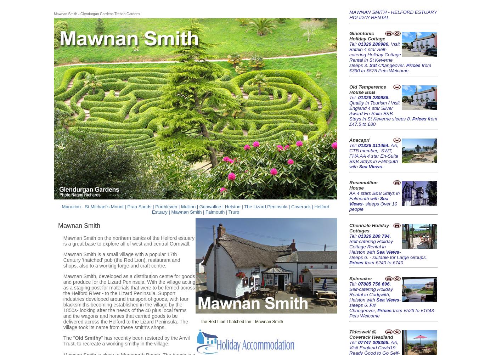  What do you see at coordinates (373, 145) in the screenshot?
I see `'01326 311454.'` at bounding box center [373, 145].